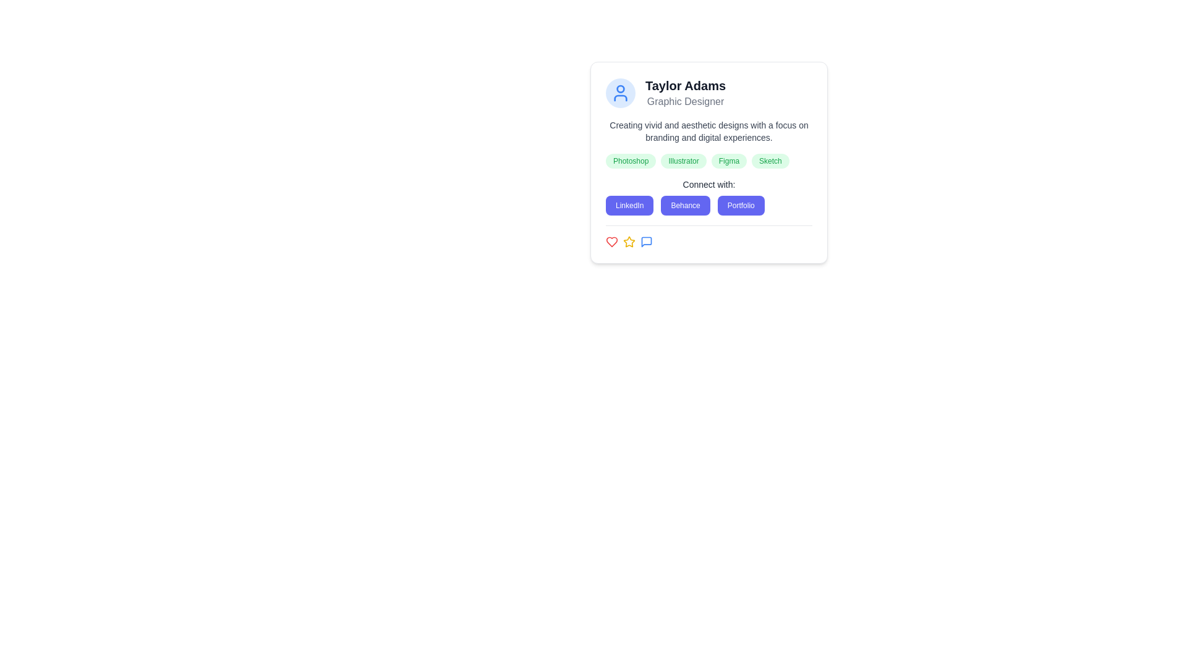  Describe the element at coordinates (729, 161) in the screenshot. I see `the display badge indicating proficiency in 'Figma', which is the third badge in the horizontal list of skill badges located within the profile card` at that location.